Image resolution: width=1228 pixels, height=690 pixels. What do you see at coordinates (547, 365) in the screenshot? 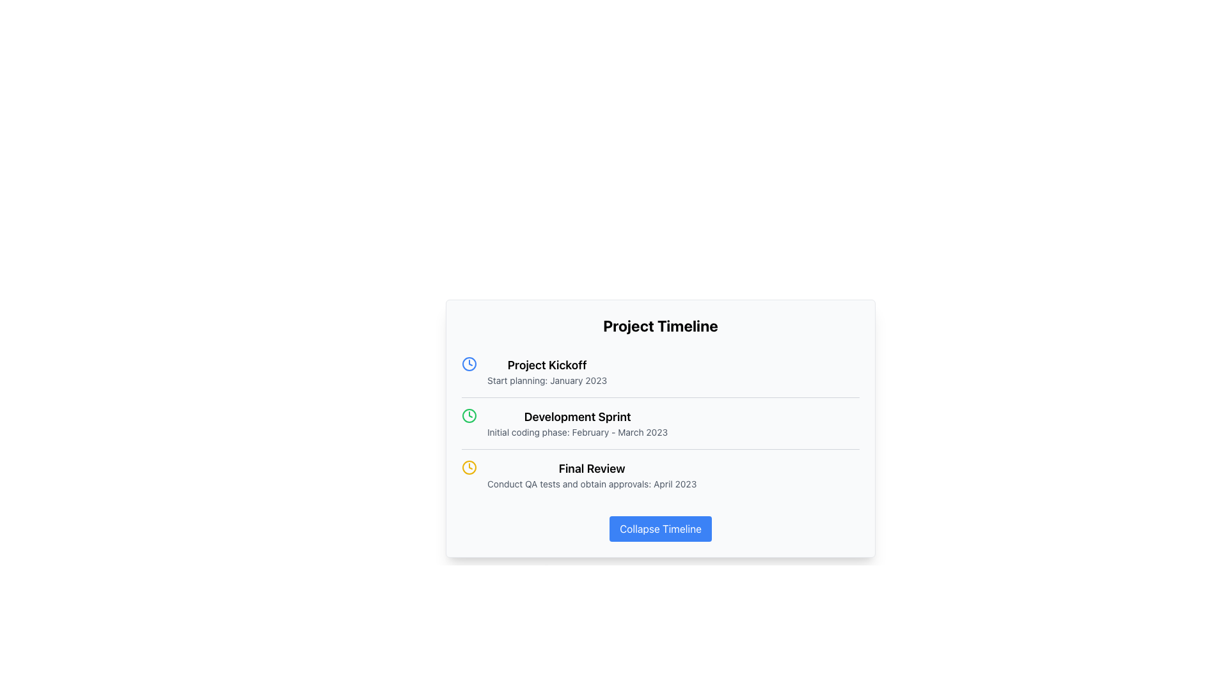
I see `the static text element that serves as a title or label for the timeline event, positioned beneath the timeline title and to the left of the descriptive text 'Start planning: January 2023'` at bounding box center [547, 365].